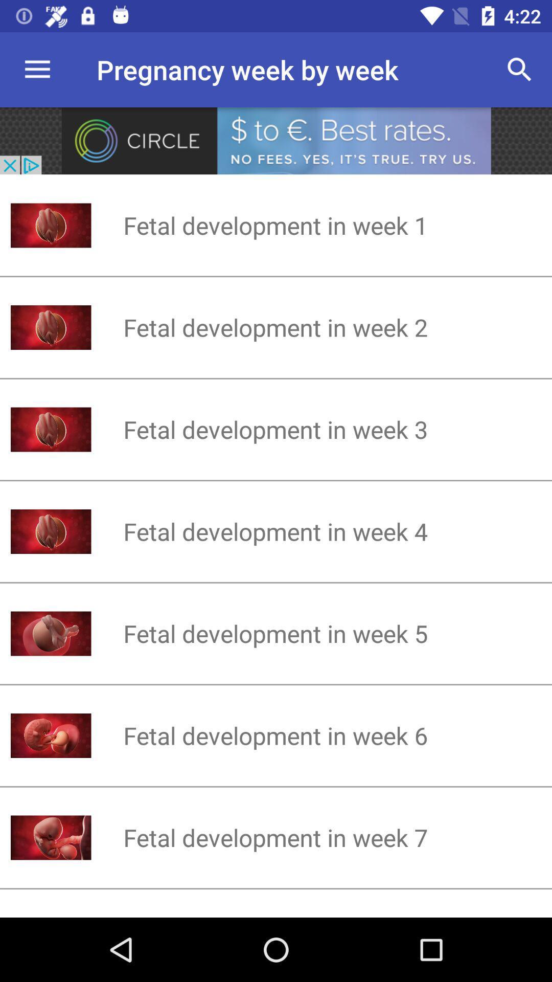 This screenshot has width=552, height=982. I want to click on the first image at the left side of the page, so click(51, 225).